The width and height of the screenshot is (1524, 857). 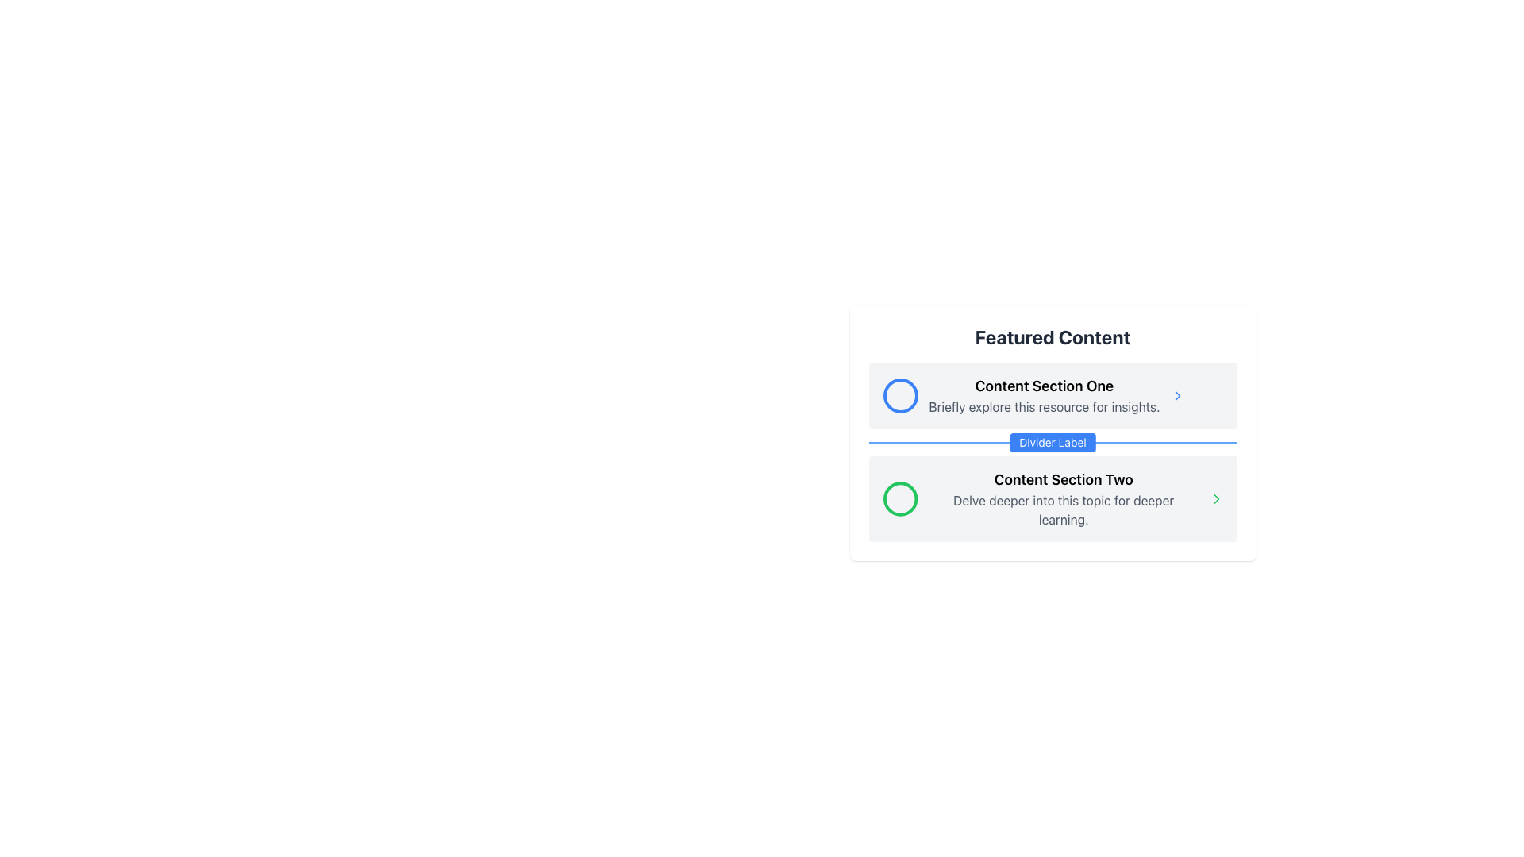 I want to click on text of the label positioned at the center of the horizontal blue divider between 'Content Section One' and 'Content Section Two', so click(x=1053, y=443).